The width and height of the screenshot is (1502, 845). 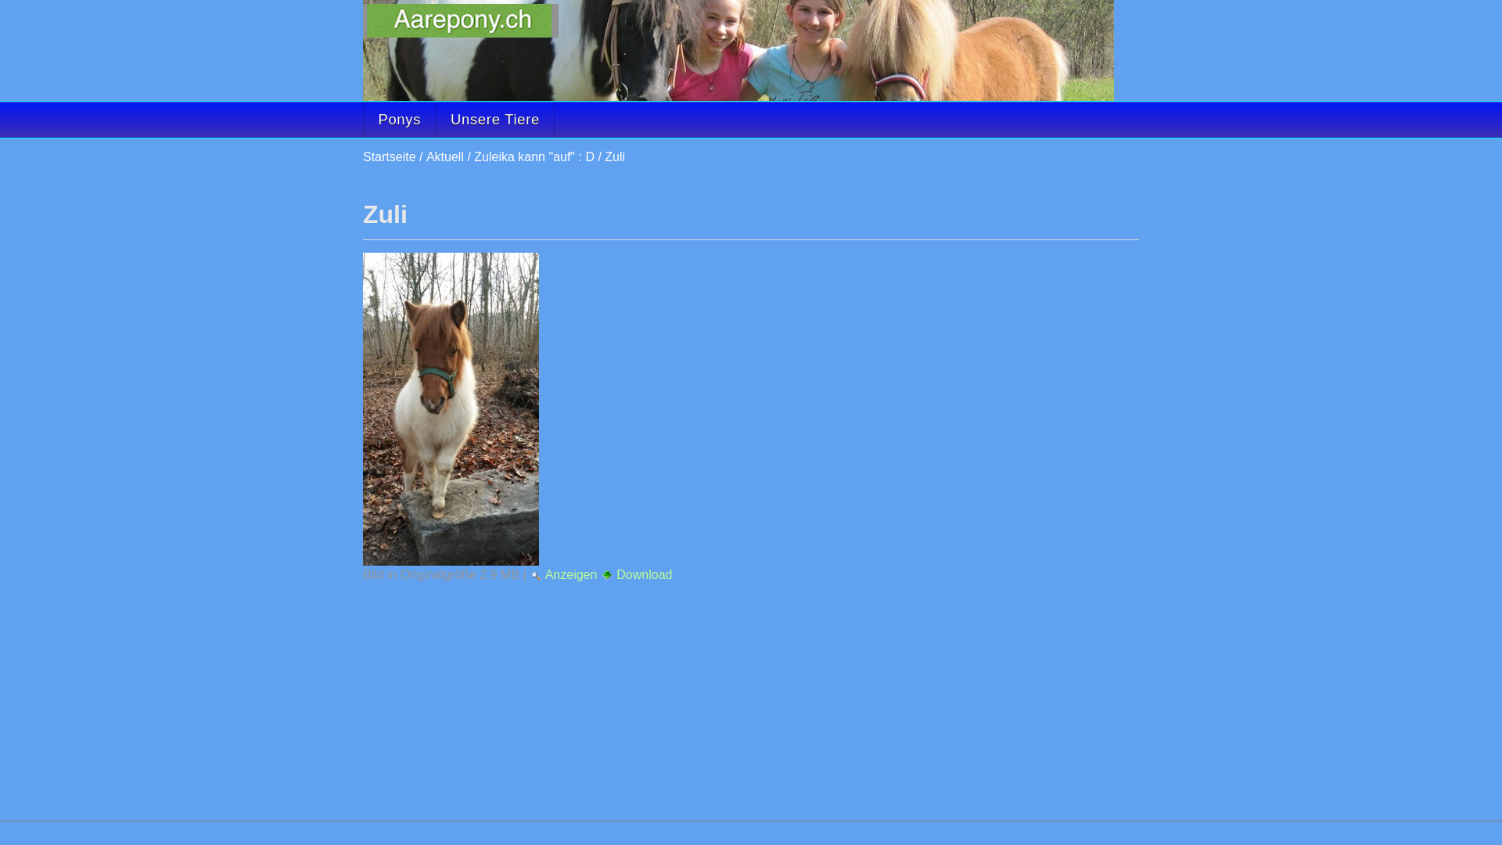 I want to click on 'Download', so click(x=637, y=574).